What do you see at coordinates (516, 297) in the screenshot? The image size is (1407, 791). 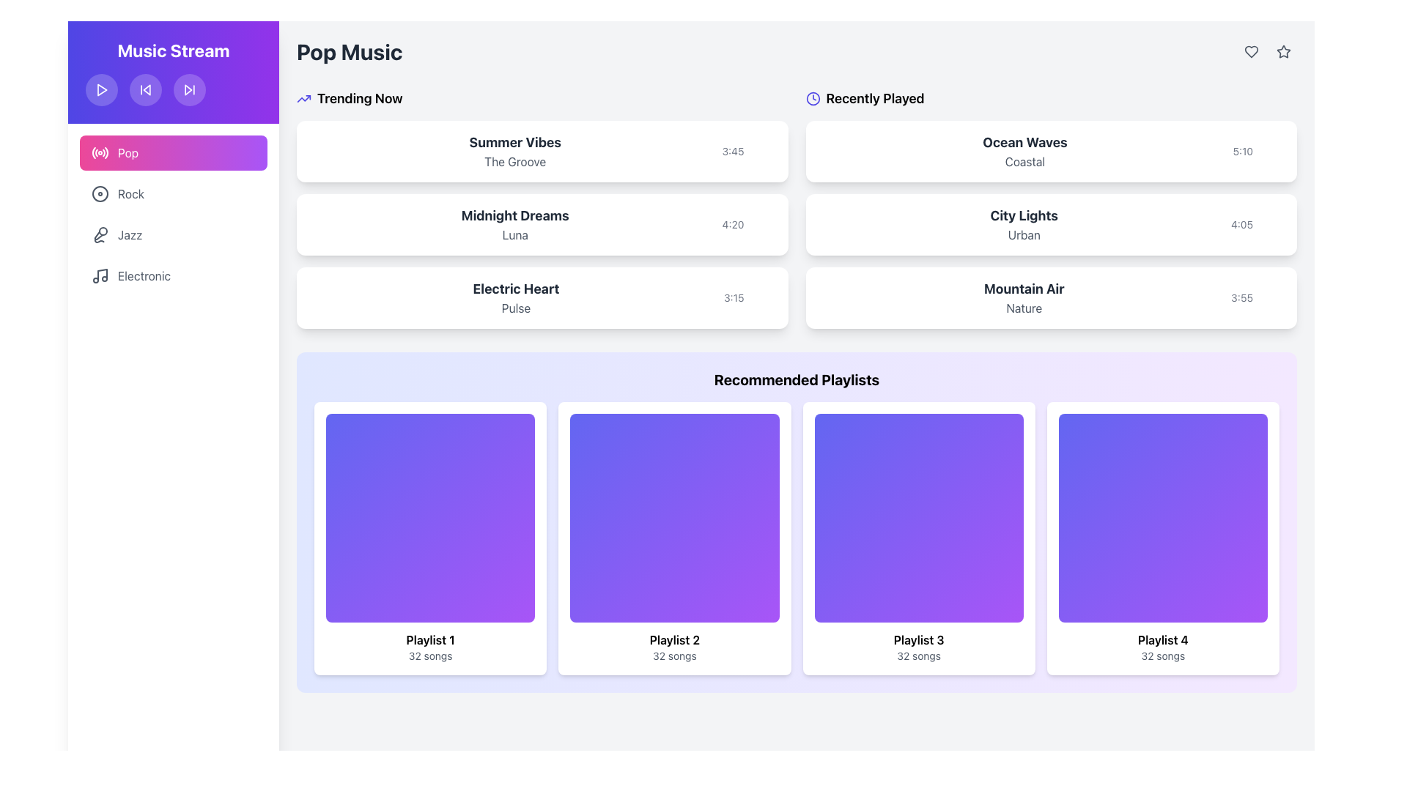 I see `the 'Electric Heart' text display element located in the central panel under the 'Trending Now' section` at bounding box center [516, 297].